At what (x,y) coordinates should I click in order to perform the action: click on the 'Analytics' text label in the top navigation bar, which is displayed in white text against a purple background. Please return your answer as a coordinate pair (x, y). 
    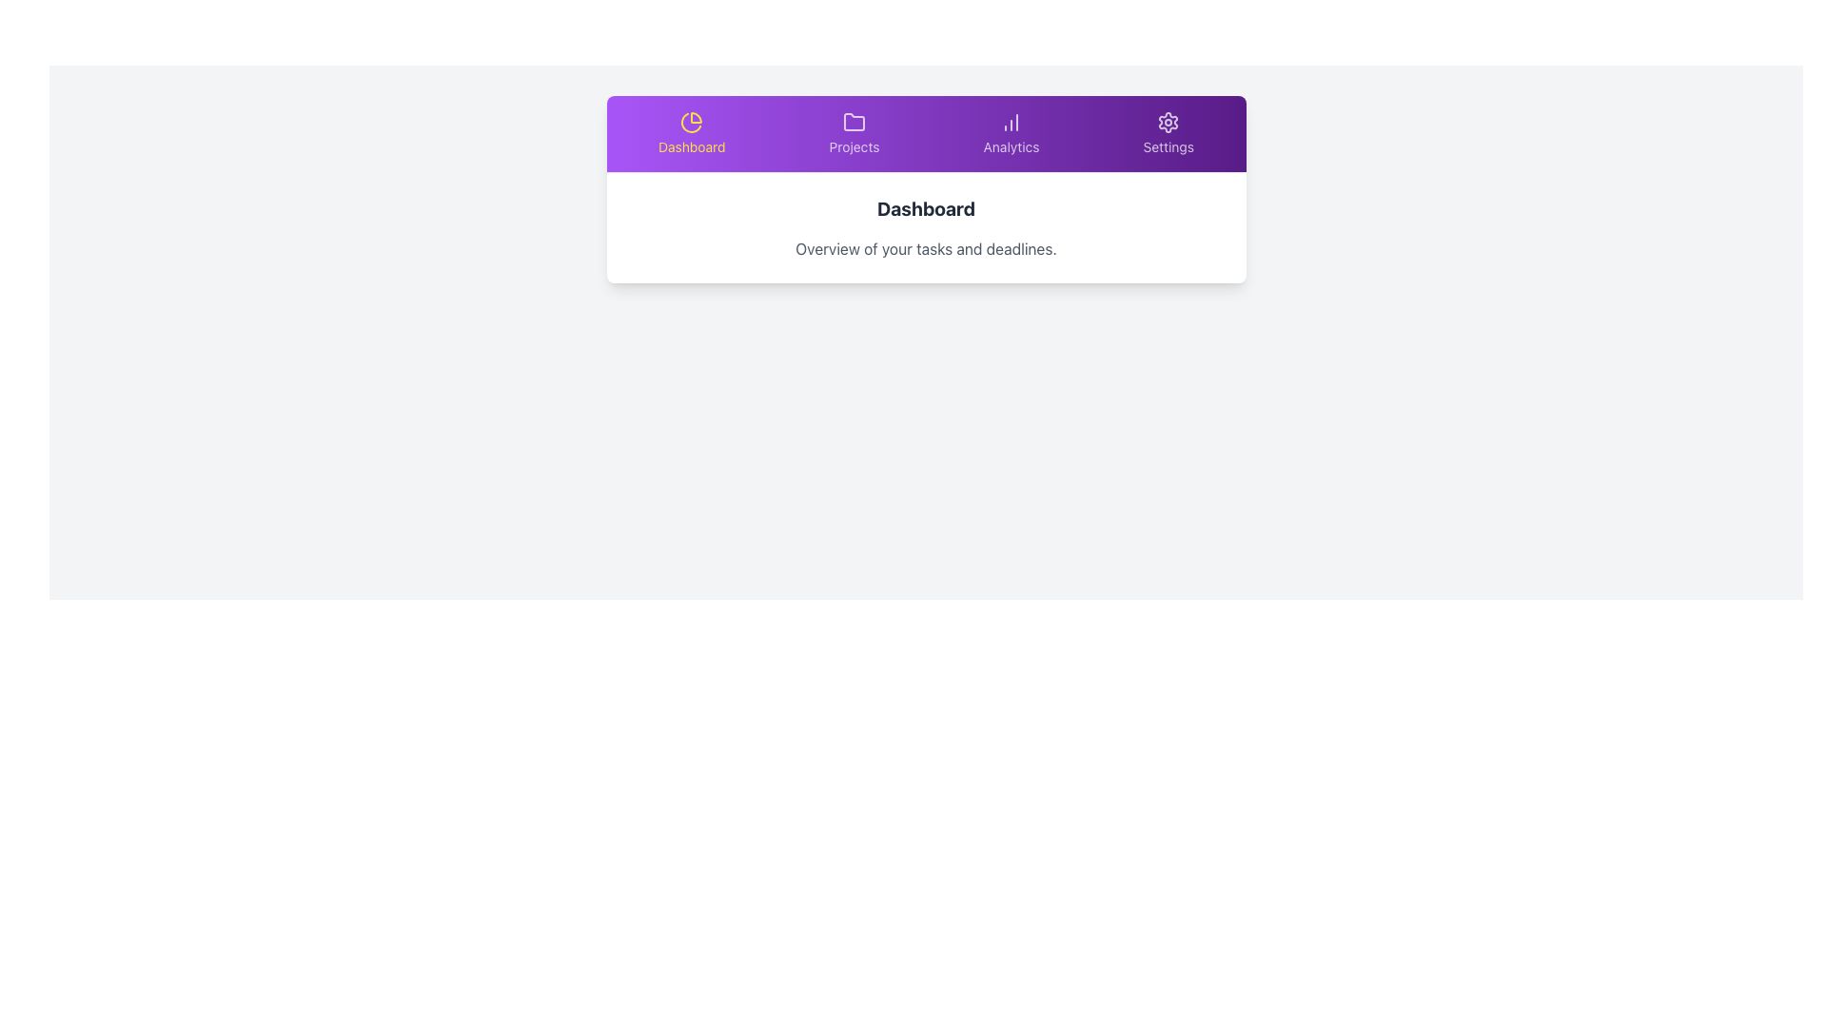
    Looking at the image, I should click on (1010, 145).